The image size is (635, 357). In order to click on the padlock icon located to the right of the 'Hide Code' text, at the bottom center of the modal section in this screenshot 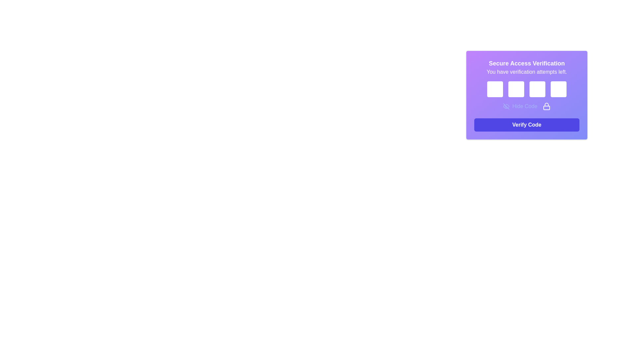, I will do `click(546, 106)`.